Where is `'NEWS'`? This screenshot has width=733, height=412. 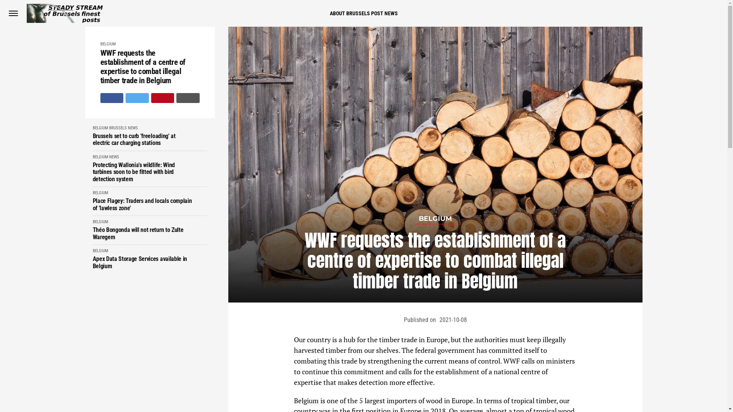 'NEWS' is located at coordinates (132, 127).